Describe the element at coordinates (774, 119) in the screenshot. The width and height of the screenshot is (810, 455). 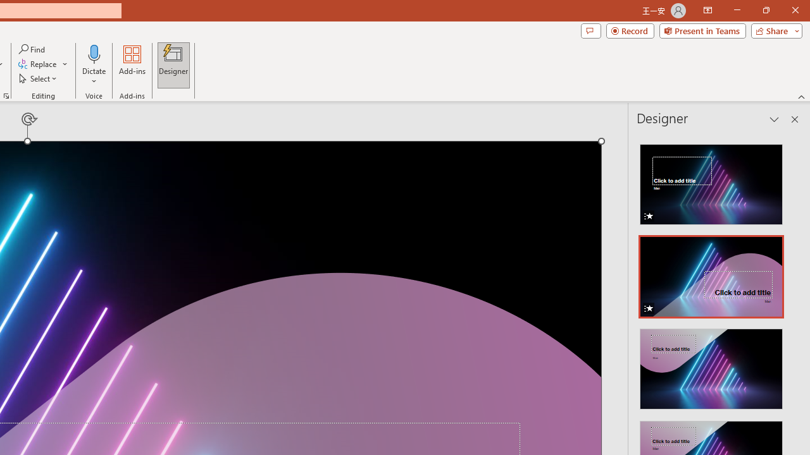
I see `'Task Pane Options'` at that location.